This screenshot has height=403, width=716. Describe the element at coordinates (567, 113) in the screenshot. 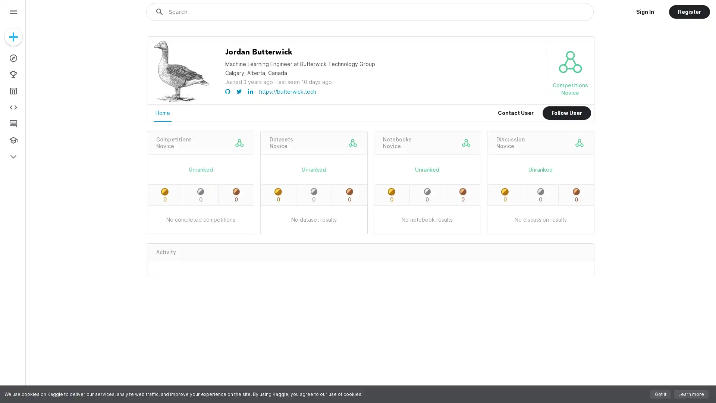

I see `Follow User` at that location.